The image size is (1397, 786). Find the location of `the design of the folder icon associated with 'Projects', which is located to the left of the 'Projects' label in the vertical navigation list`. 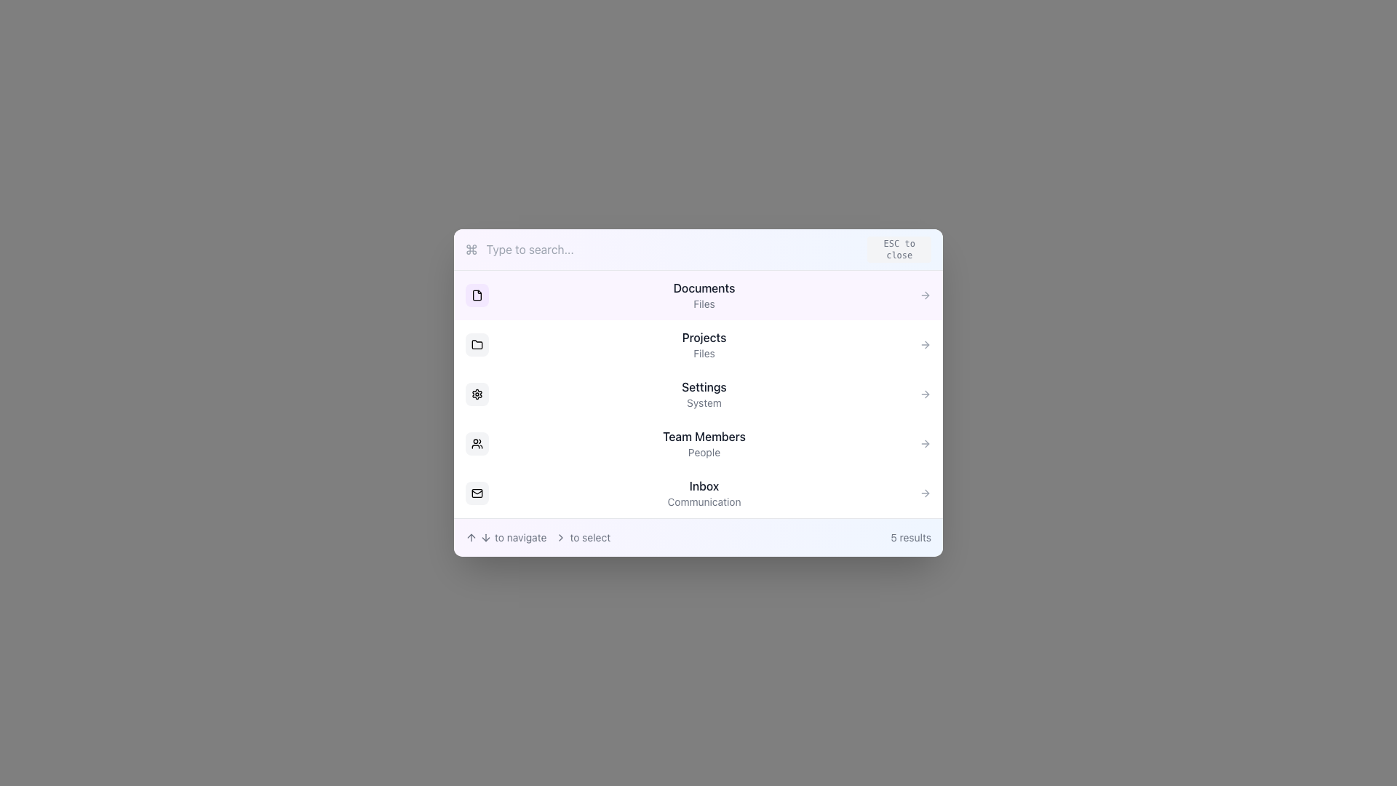

the design of the folder icon associated with 'Projects', which is located to the left of the 'Projects' label in the vertical navigation list is located at coordinates (477, 345).